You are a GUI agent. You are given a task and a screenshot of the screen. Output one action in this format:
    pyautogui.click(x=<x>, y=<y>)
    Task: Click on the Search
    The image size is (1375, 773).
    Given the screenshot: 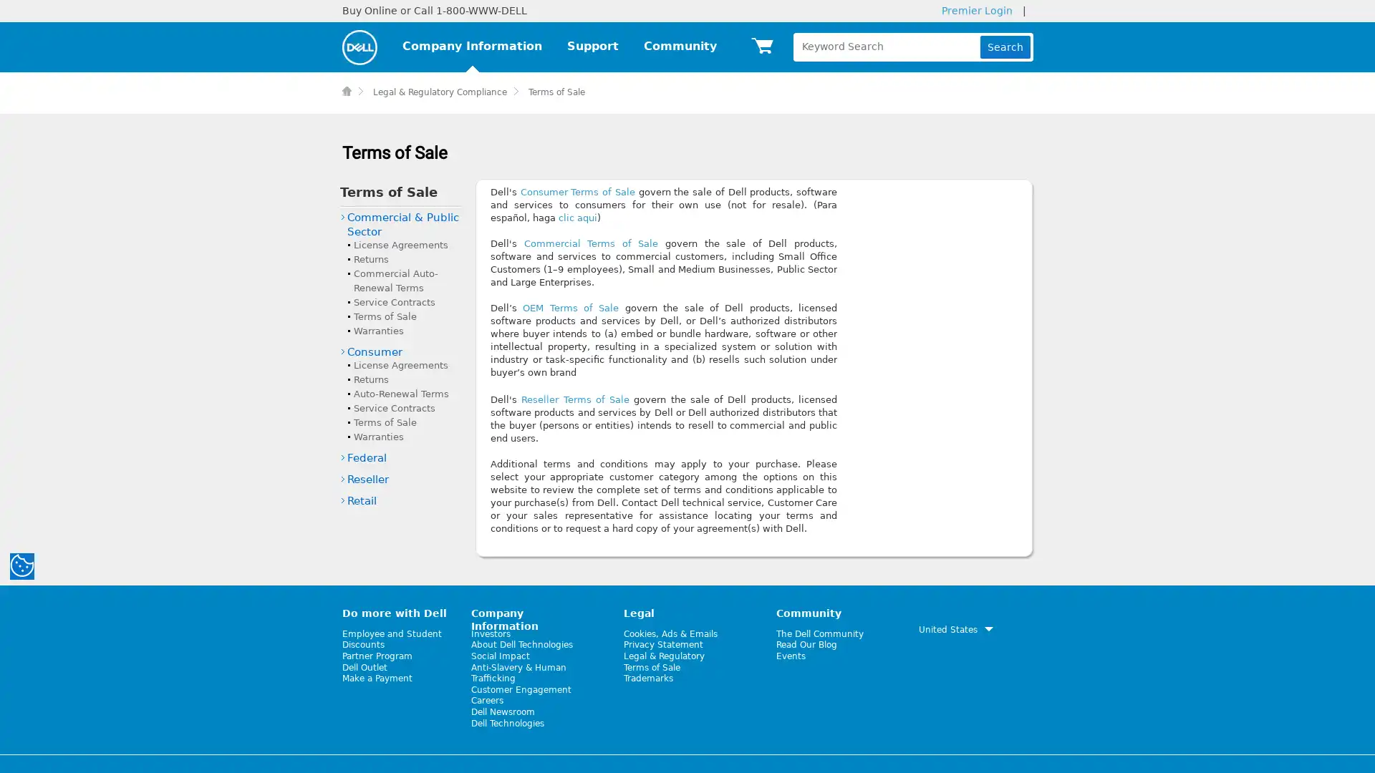 What is the action you would take?
    pyautogui.click(x=1003, y=46)
    